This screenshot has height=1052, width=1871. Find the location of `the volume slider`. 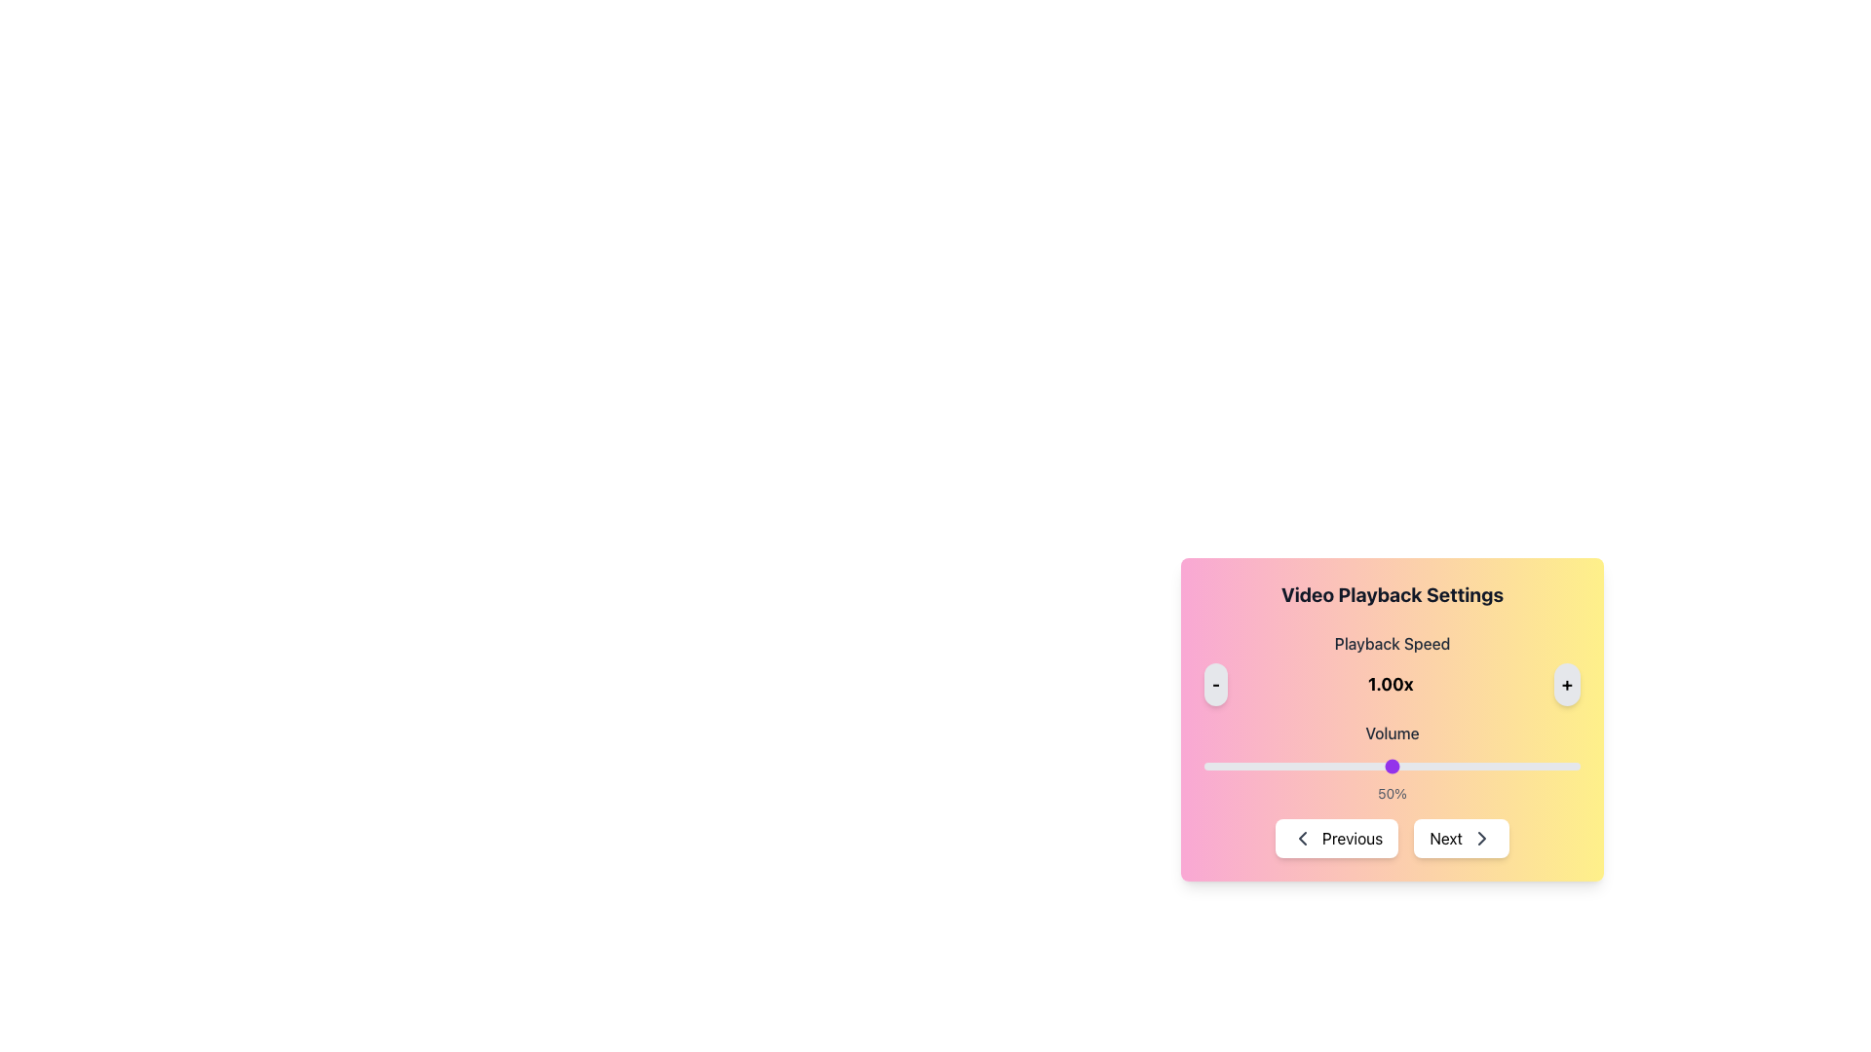

the volume slider is located at coordinates (1556, 765).